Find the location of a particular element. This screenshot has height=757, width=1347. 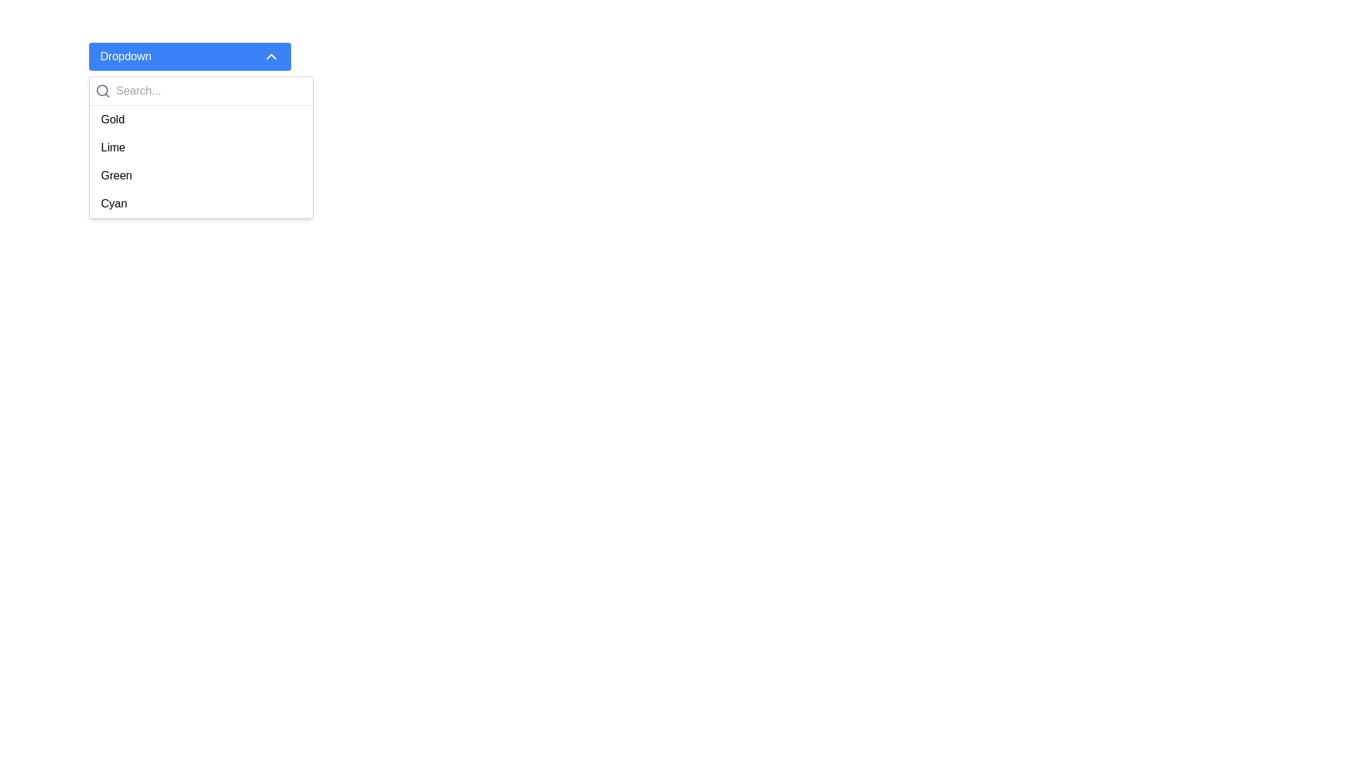

the text-based dropdown option labeled 'Gold' is located at coordinates (112, 118).